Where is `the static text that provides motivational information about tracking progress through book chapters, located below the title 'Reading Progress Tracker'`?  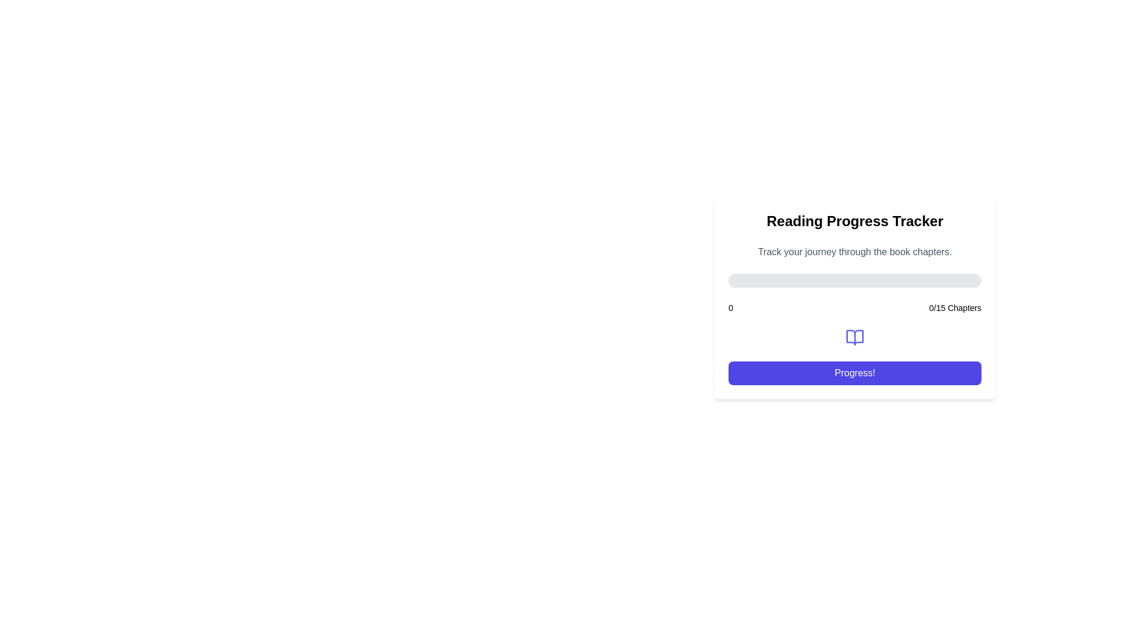
the static text that provides motivational information about tracking progress through book chapters, located below the title 'Reading Progress Tracker' is located at coordinates (855, 251).